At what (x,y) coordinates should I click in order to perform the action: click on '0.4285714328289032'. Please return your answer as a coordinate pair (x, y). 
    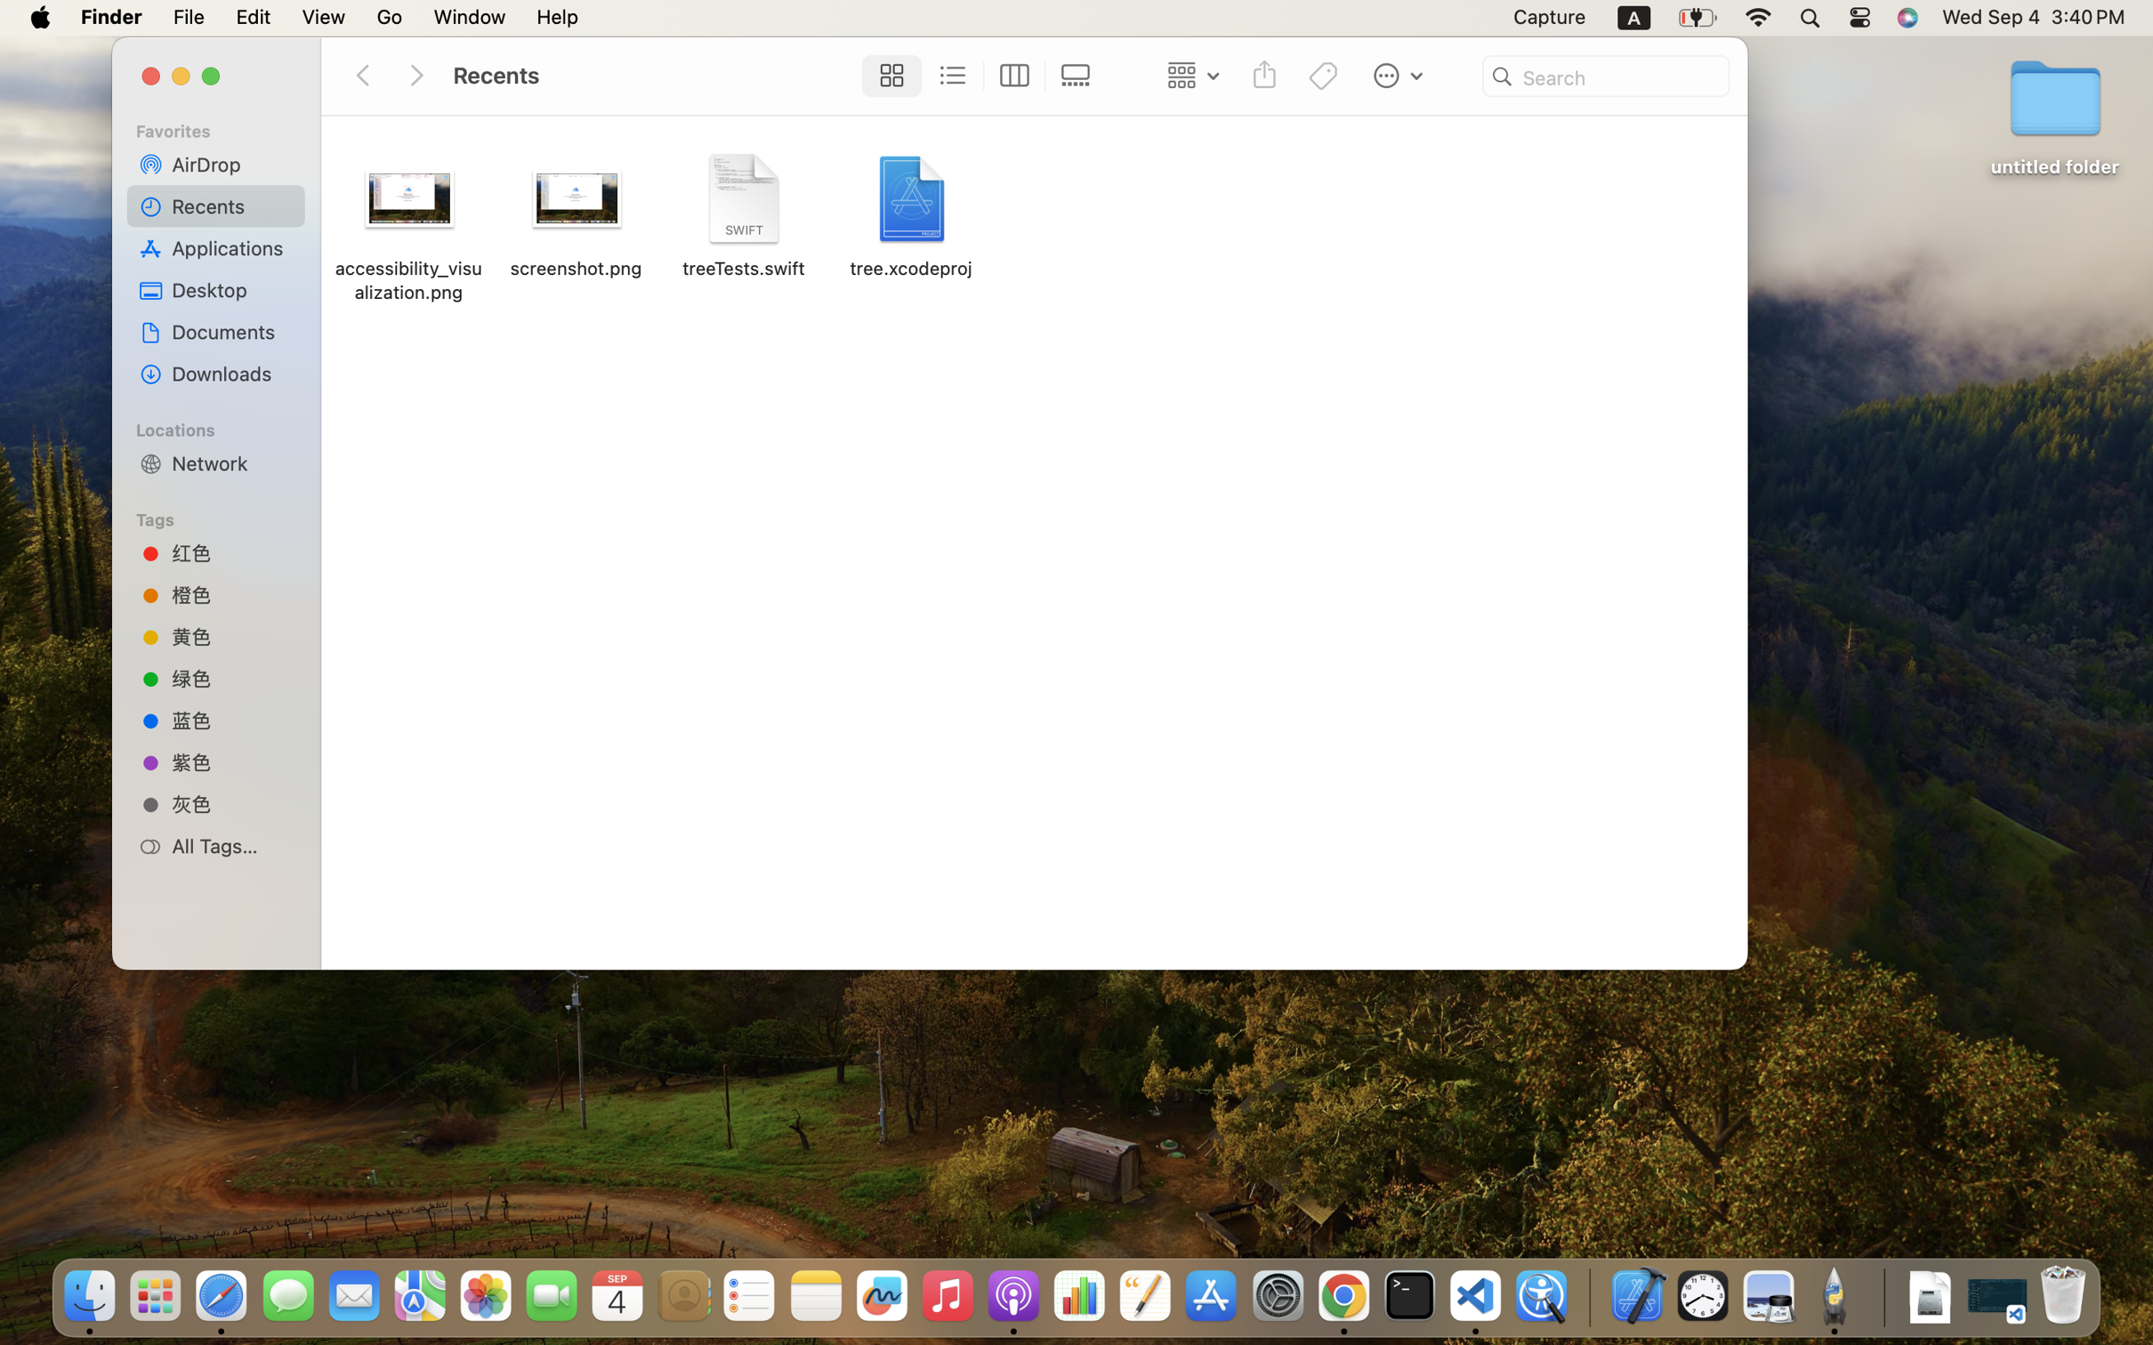
    Looking at the image, I should click on (1588, 1296).